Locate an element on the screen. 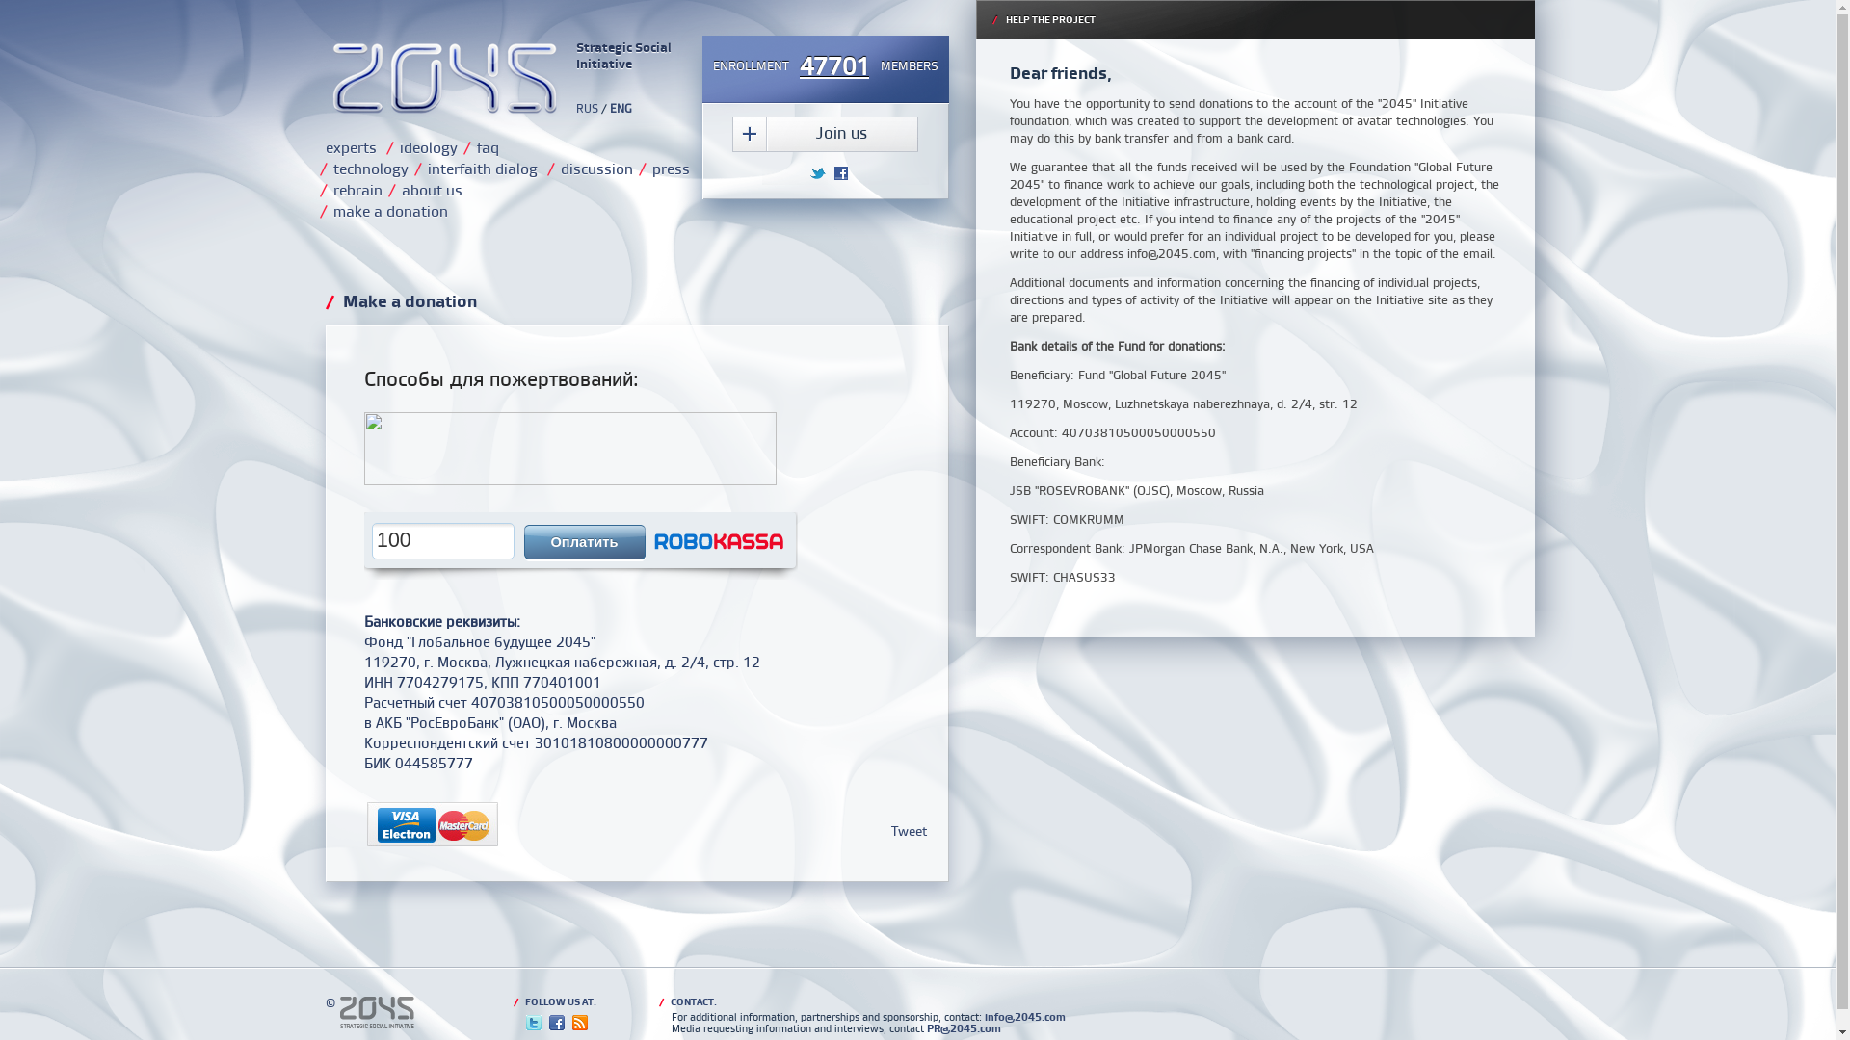  'faq' is located at coordinates (487, 146).